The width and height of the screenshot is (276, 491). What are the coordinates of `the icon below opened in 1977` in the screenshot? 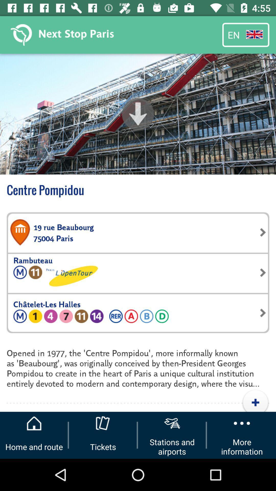 It's located at (255, 400).